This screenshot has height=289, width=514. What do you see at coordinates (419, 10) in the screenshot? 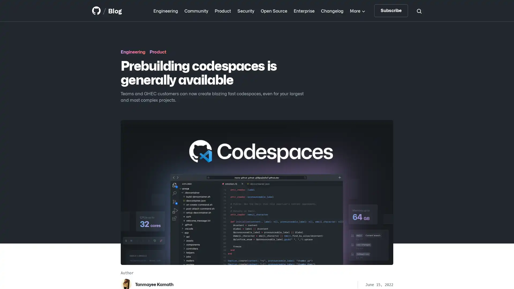
I see `Search toggle` at bounding box center [419, 10].